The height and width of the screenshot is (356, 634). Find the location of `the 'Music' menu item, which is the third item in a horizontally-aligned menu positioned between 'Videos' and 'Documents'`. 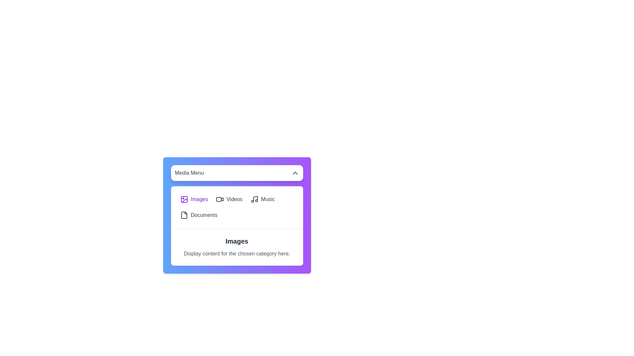

the 'Music' menu item, which is the third item in a horizontally-aligned menu positioned between 'Videos' and 'Documents' is located at coordinates (262, 199).